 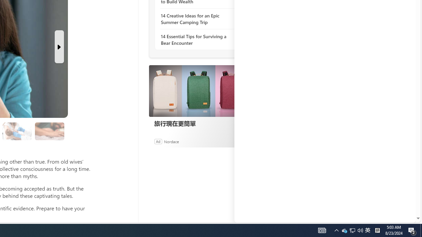 I want to click on '14 Essential Tips for Surviving a Bear Encounter', so click(x=196, y=39).